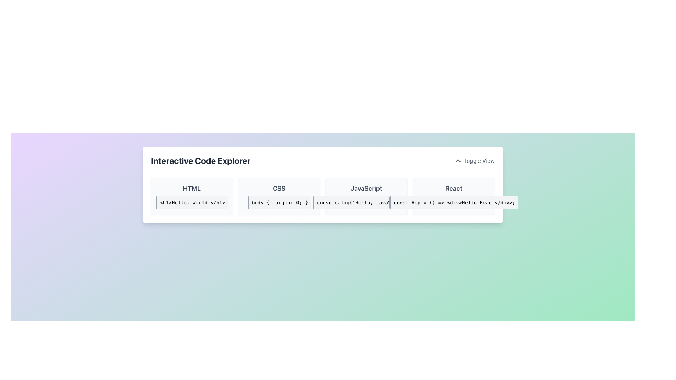 The width and height of the screenshot is (676, 380). Describe the element at coordinates (192, 202) in the screenshot. I see `contents of the text block styled with a light gray background and containing the text '<h1>Hello, World!</h1>' located beneath the title 'HTML'` at that location.